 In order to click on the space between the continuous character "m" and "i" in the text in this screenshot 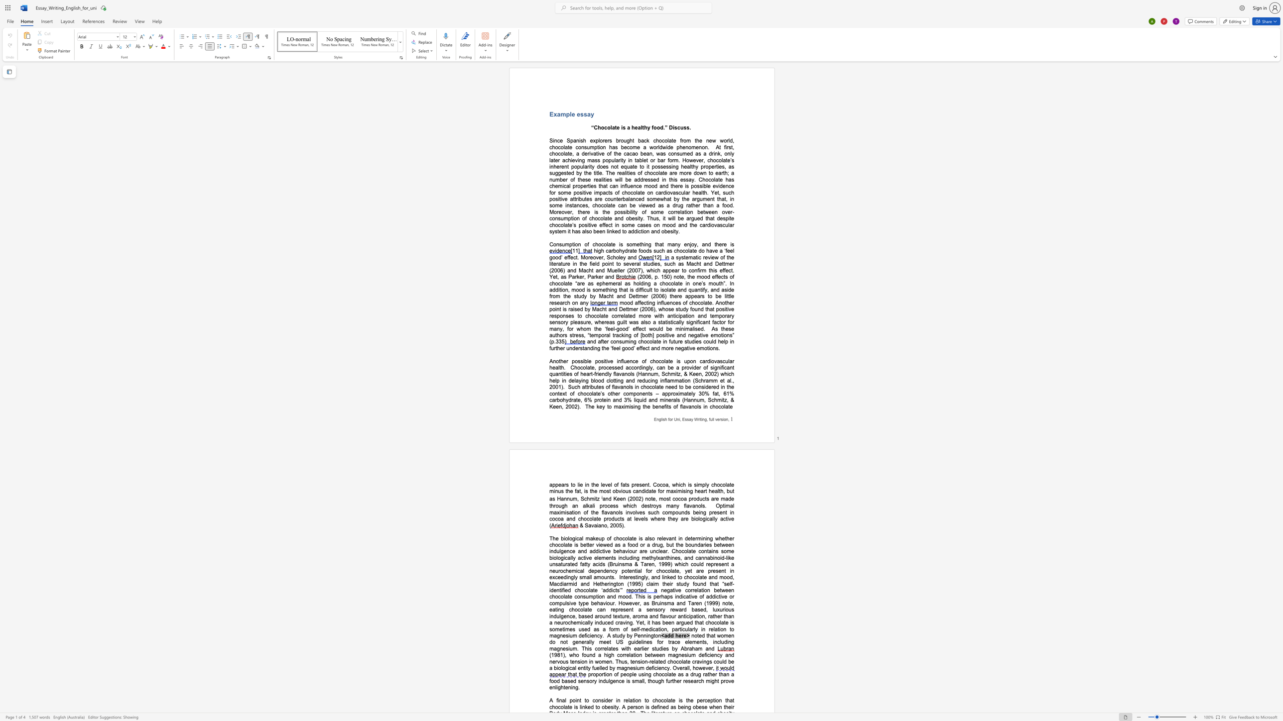, I will do `click(628, 406)`.